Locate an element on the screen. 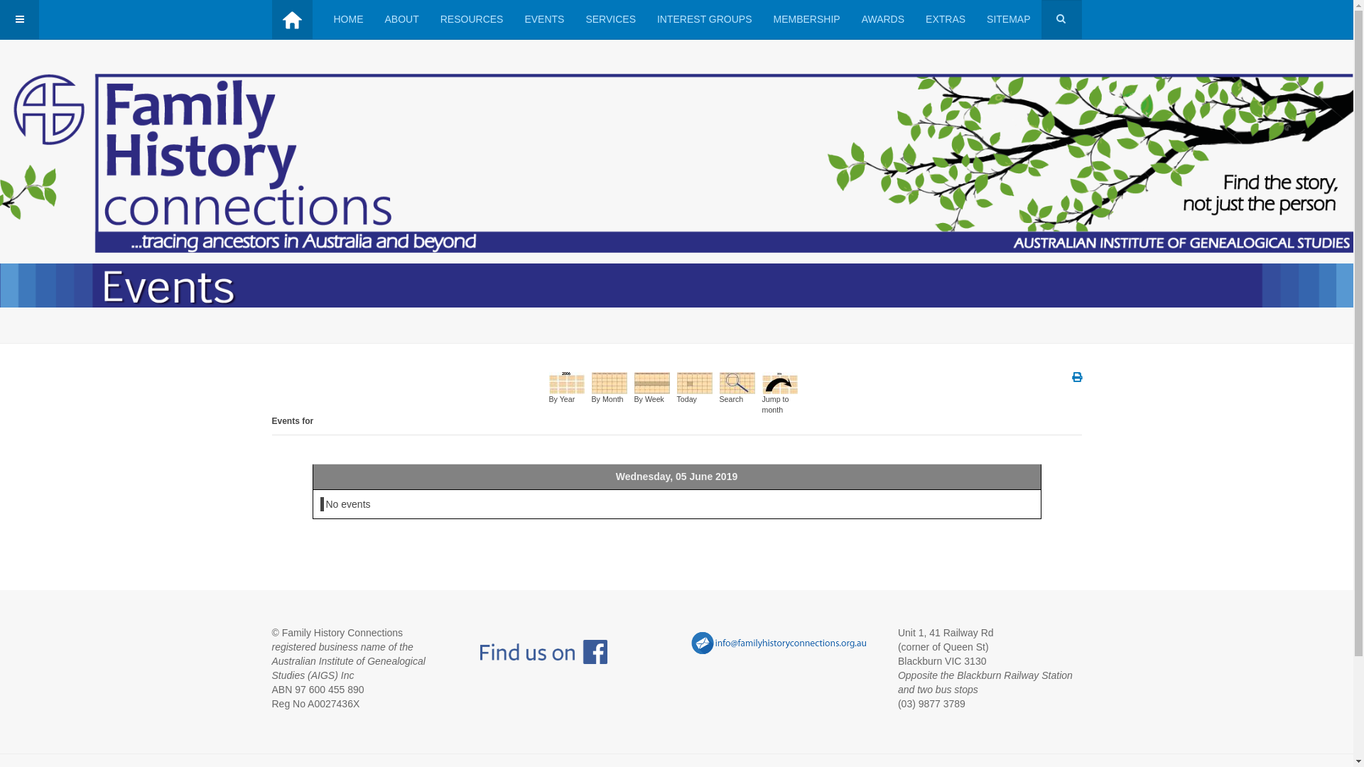 The height and width of the screenshot is (767, 1364). 'AWARDS' is located at coordinates (882, 19).